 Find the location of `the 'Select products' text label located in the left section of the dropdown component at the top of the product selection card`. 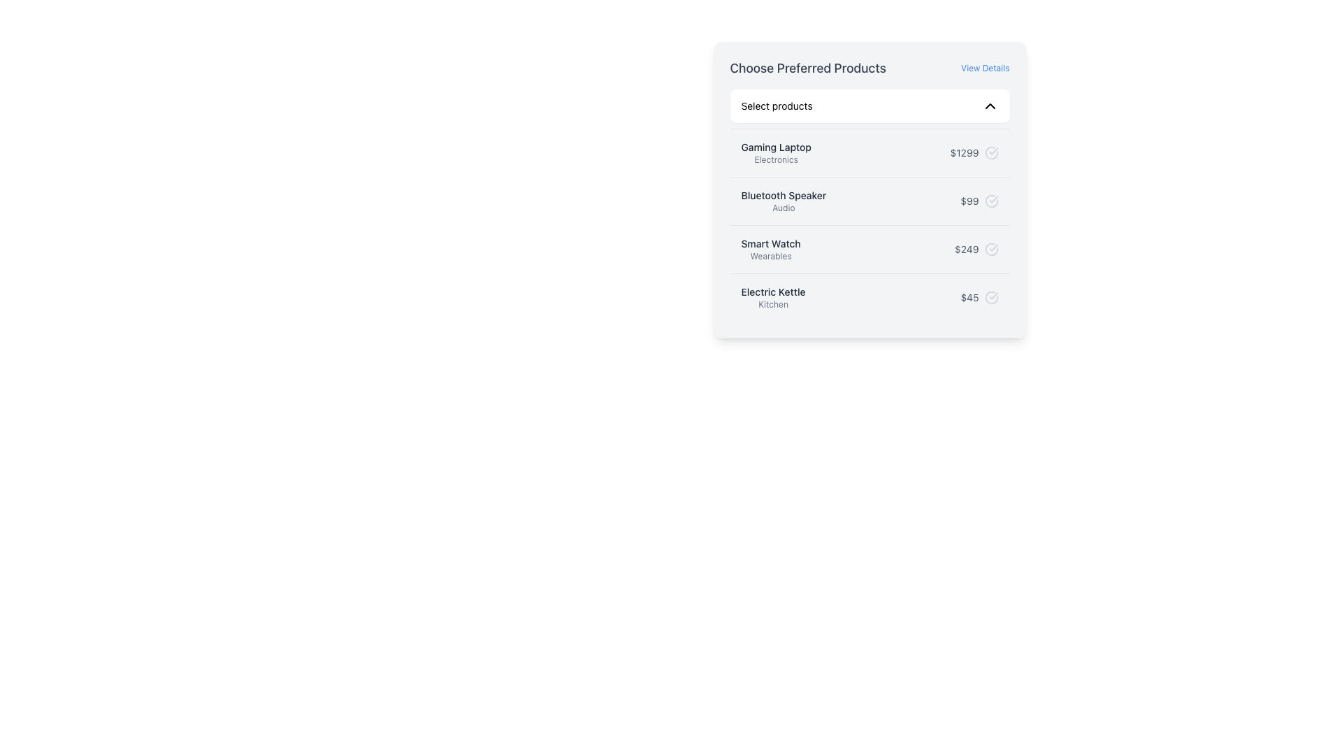

the 'Select products' text label located in the left section of the dropdown component at the top of the product selection card is located at coordinates (776, 105).